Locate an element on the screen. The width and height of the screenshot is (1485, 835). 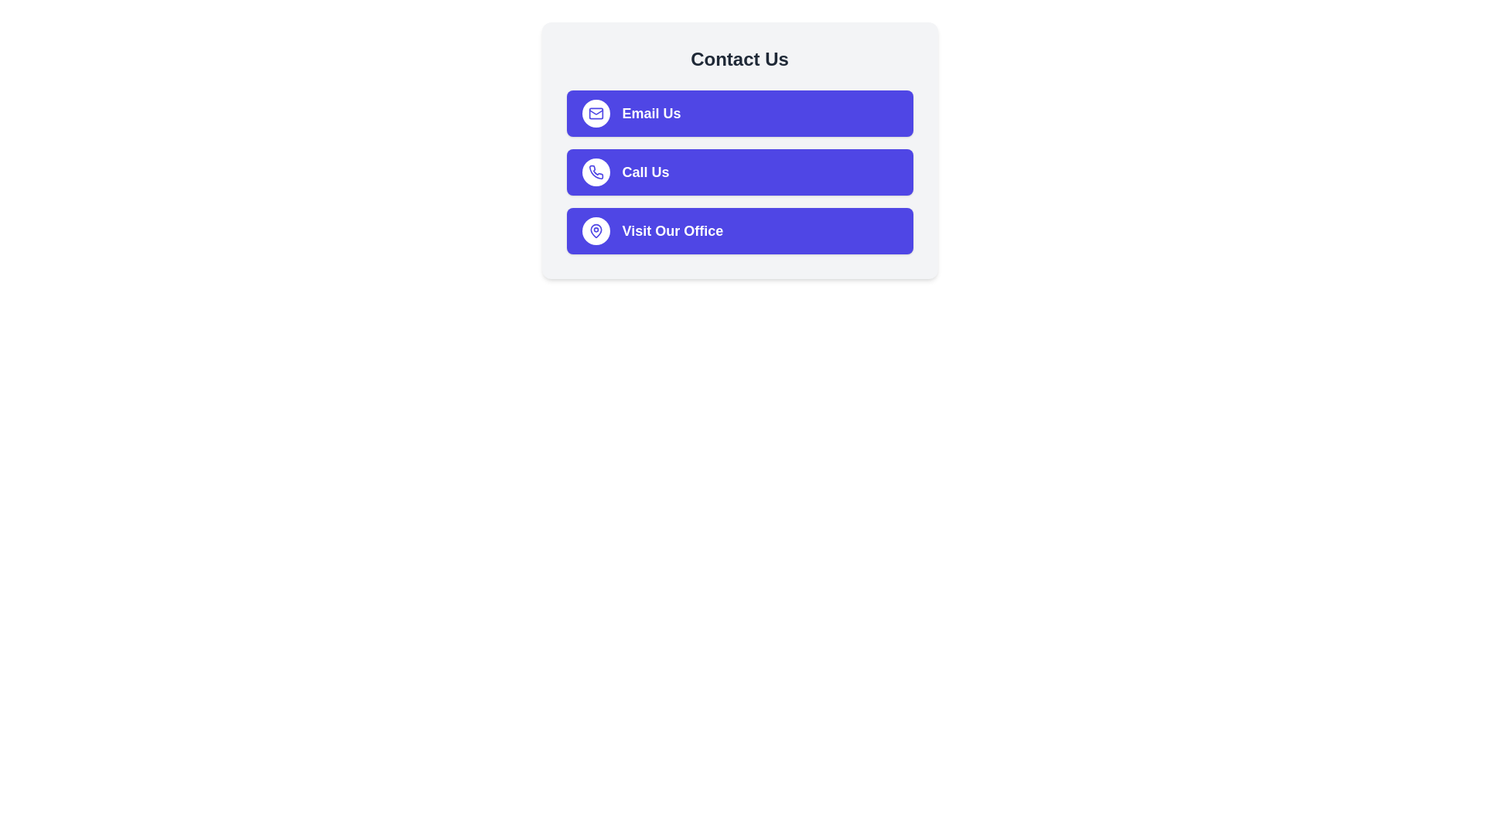
the 'Call Us' button located under the 'Contact Us' section, which is the second button in a vertical stack, to initiate a phone call is located at coordinates (739, 172).